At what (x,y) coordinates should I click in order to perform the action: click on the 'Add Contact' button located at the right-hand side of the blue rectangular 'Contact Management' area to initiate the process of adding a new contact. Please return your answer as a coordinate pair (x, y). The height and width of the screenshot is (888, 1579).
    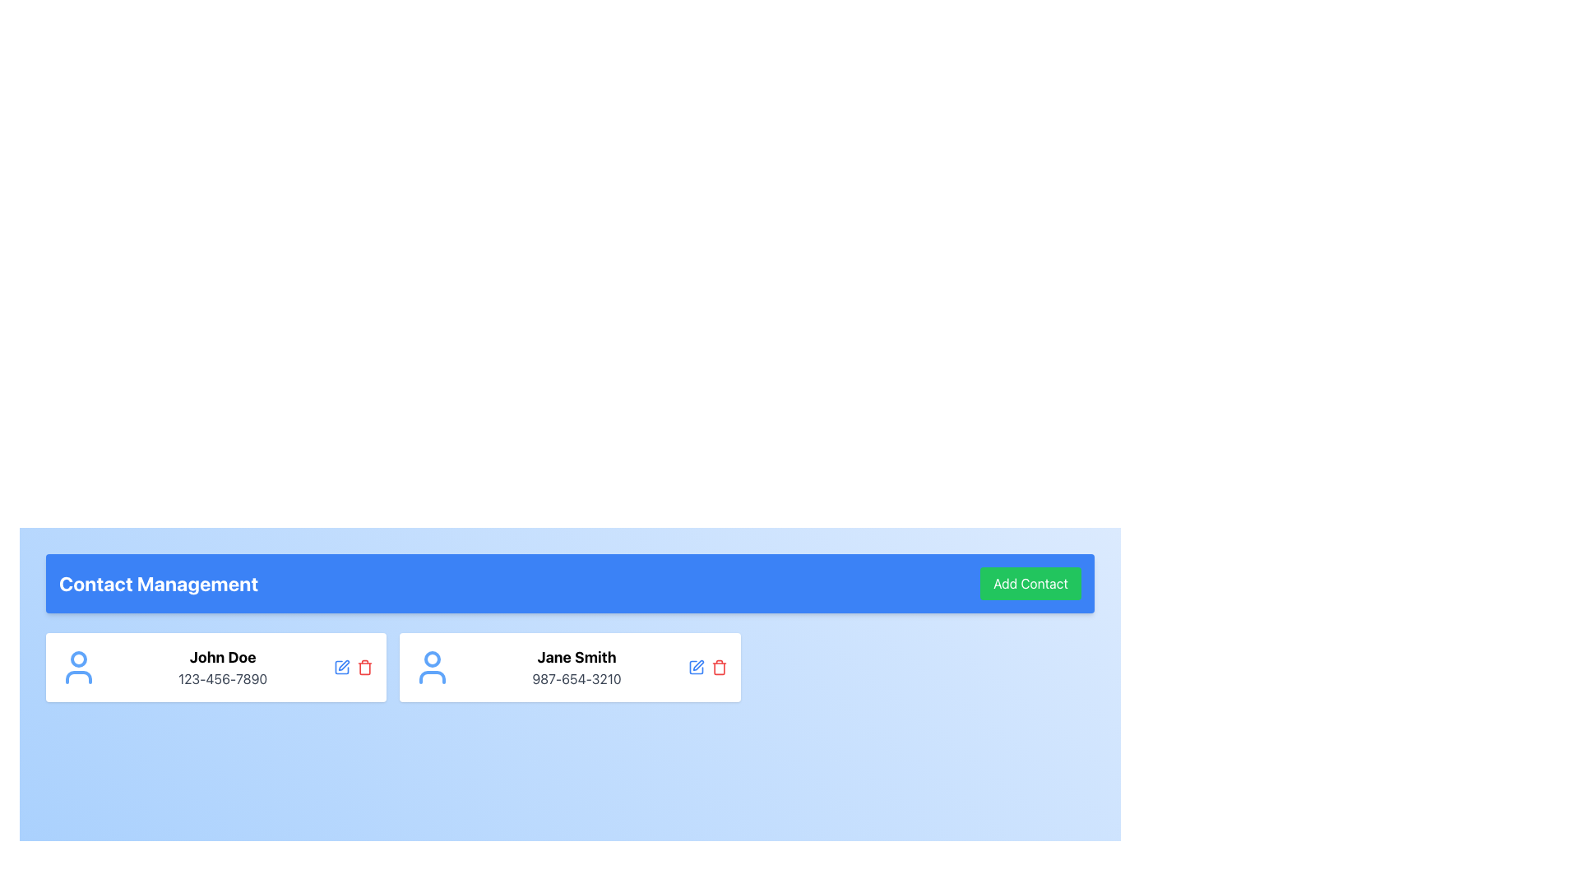
    Looking at the image, I should click on (1030, 582).